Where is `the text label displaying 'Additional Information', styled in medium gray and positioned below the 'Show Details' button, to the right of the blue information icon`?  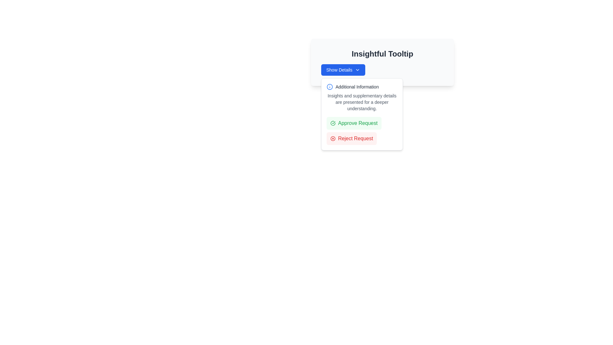 the text label displaying 'Additional Information', styled in medium gray and positioned below the 'Show Details' button, to the right of the blue information icon is located at coordinates (357, 87).